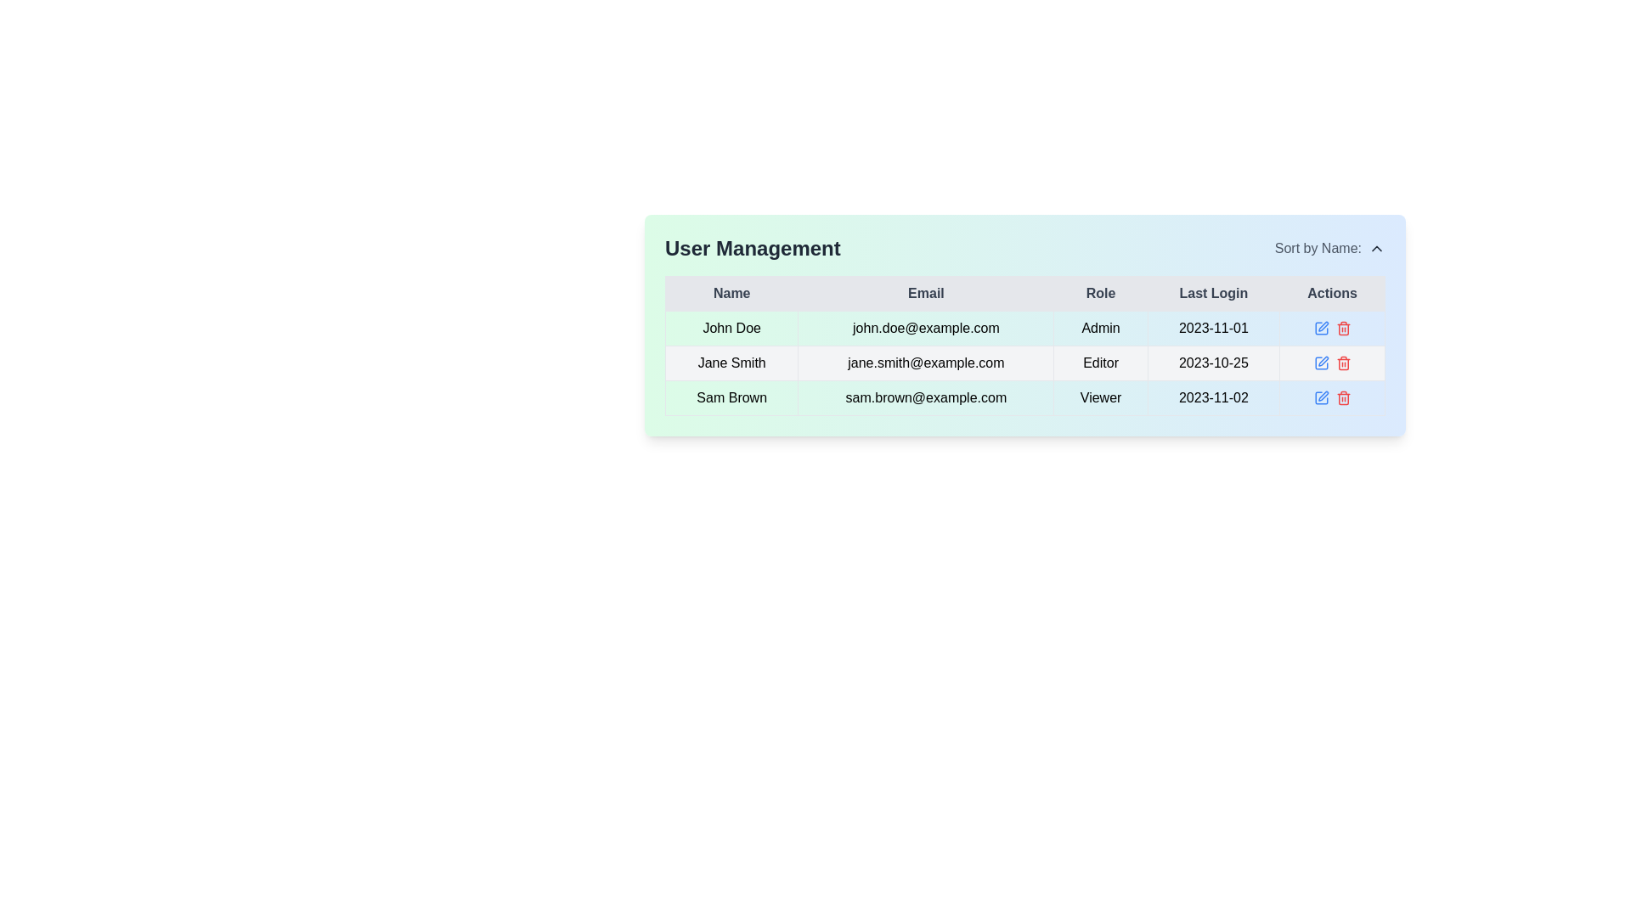  Describe the element at coordinates (1212, 398) in the screenshot. I see `the text display that shows the last login date for user 'Sam Brown', located in the fourth column of the last row of the 'User Management' table, adjacent to the 'Role' column displaying 'Viewer'` at that location.